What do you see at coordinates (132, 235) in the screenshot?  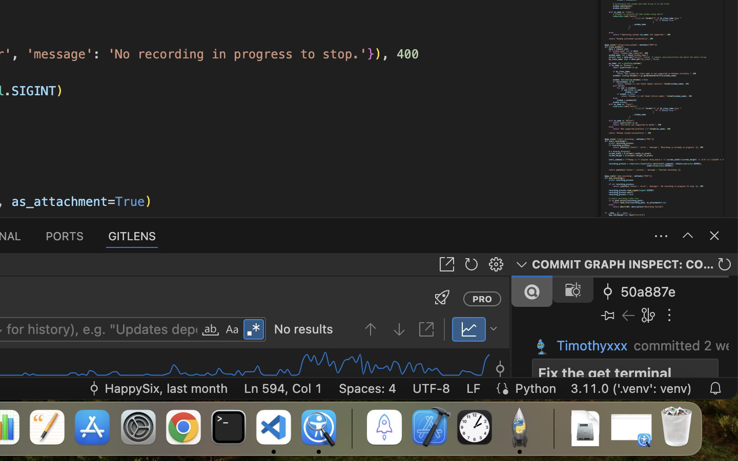 I see `'1 GITLENS'` at bounding box center [132, 235].